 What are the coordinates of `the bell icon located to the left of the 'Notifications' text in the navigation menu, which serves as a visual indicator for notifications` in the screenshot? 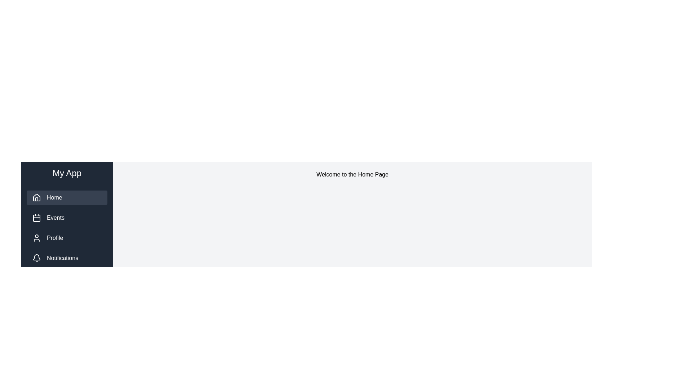 It's located at (36, 258).